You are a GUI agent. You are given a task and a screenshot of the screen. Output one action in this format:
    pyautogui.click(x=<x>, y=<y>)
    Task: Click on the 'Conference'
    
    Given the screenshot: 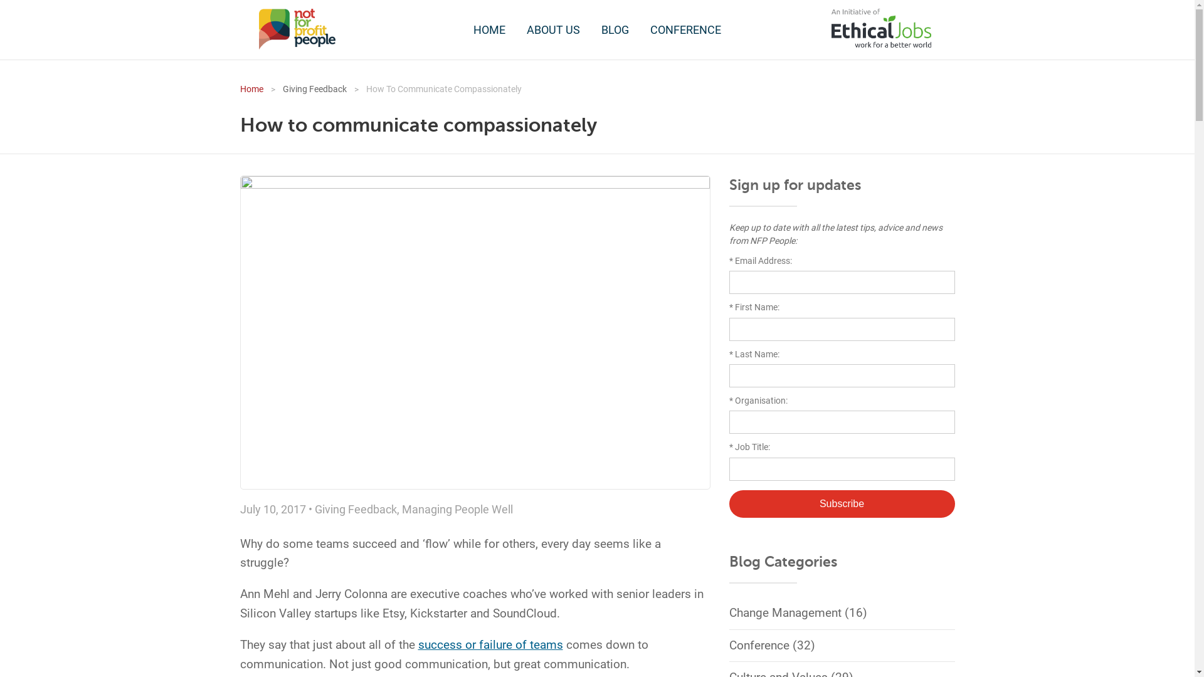 What is the action you would take?
    pyautogui.click(x=728, y=645)
    